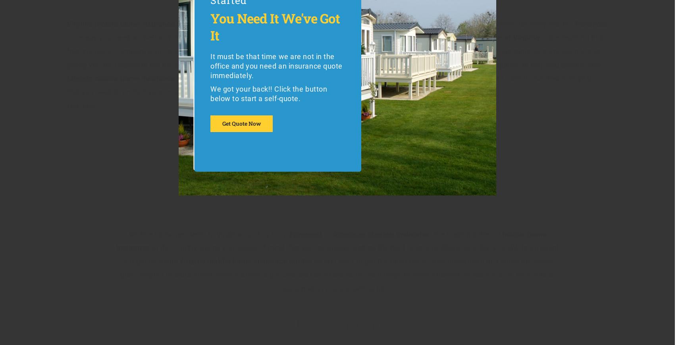 The width and height of the screenshot is (684, 345). Describe the element at coordinates (210, 65) in the screenshot. I see `'It must be that time we are not in the office and you need an insurance quote immediately.'` at that location.